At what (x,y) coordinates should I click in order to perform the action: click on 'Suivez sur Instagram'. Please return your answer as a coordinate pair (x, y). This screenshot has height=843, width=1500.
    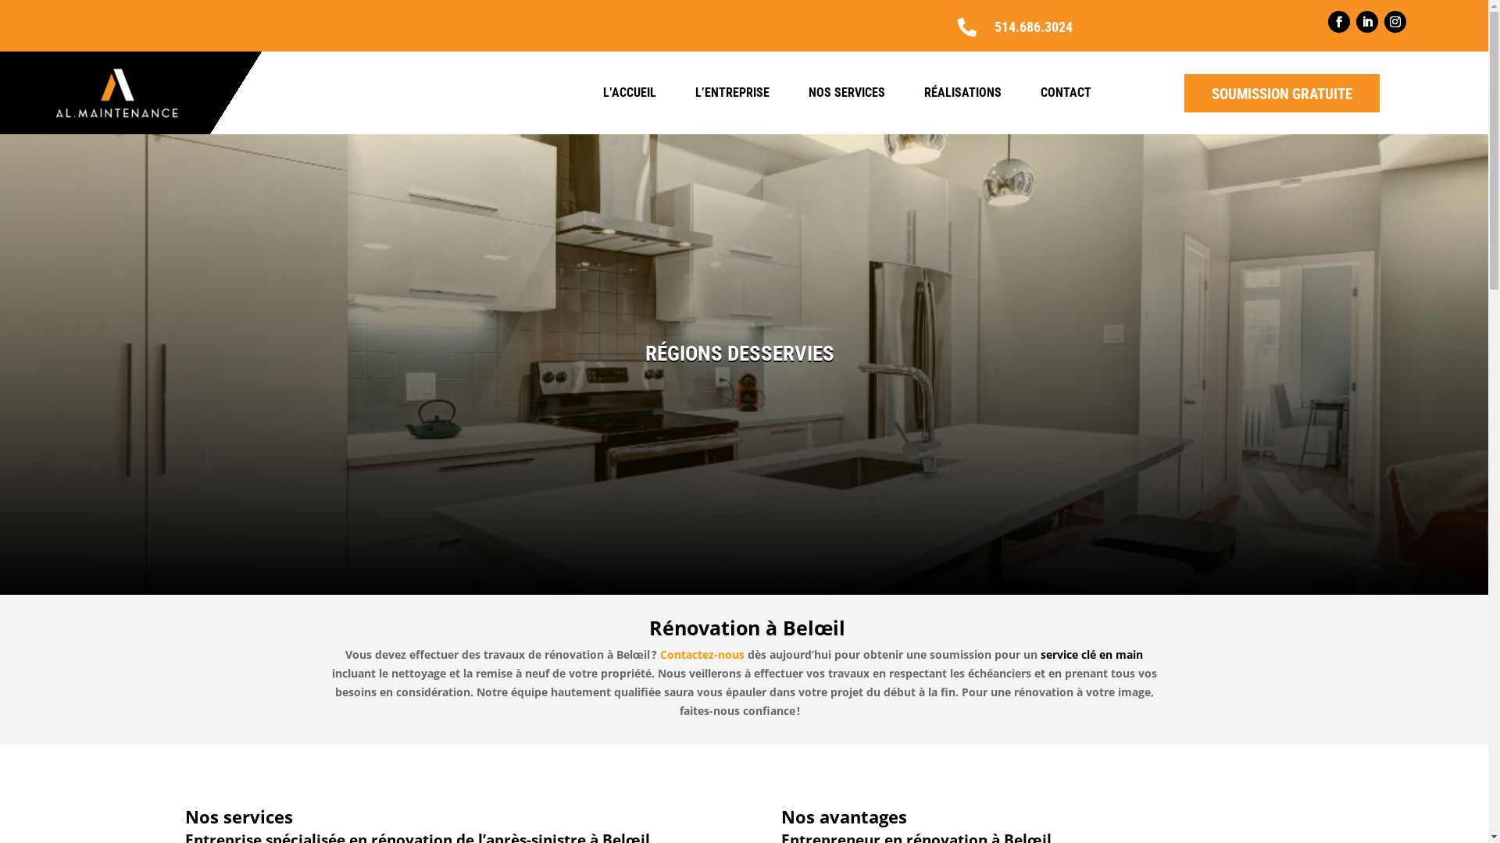
    Looking at the image, I should click on (1395, 21).